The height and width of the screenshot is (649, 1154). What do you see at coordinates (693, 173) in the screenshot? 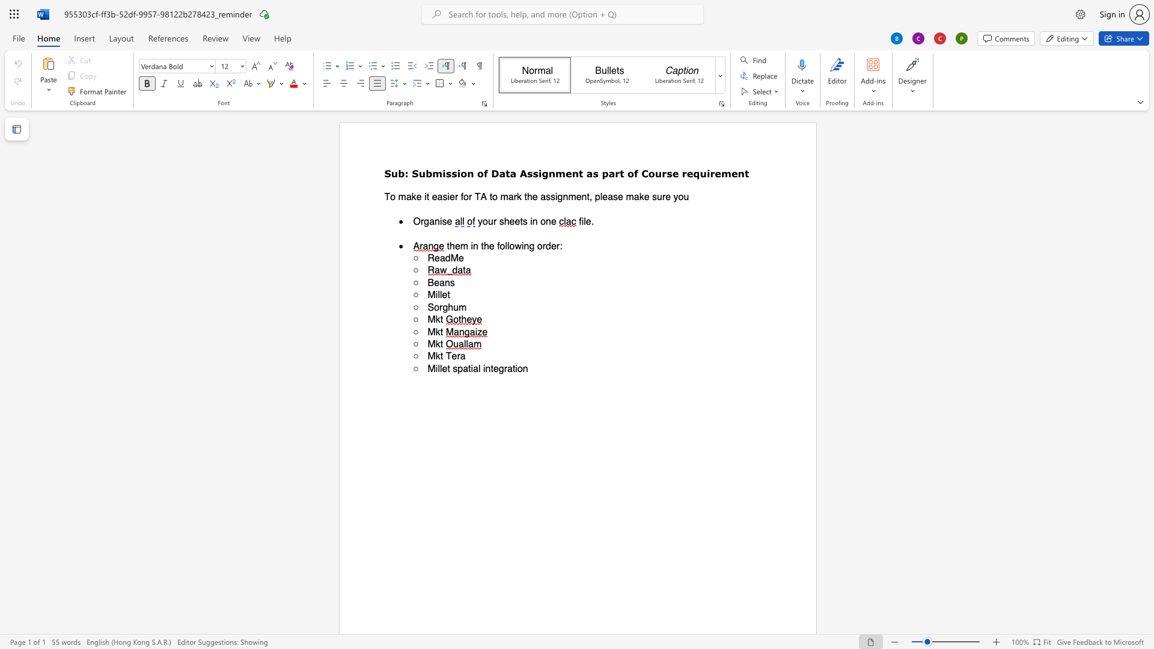
I see `the space between the continuous character "e" and "q" in the text` at bounding box center [693, 173].